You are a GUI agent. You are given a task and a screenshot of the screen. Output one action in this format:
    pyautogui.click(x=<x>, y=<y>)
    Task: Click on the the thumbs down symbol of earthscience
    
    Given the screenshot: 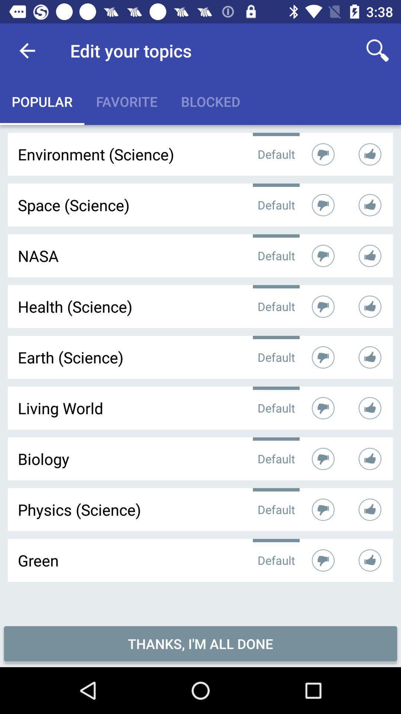 What is the action you would take?
    pyautogui.click(x=323, y=357)
    